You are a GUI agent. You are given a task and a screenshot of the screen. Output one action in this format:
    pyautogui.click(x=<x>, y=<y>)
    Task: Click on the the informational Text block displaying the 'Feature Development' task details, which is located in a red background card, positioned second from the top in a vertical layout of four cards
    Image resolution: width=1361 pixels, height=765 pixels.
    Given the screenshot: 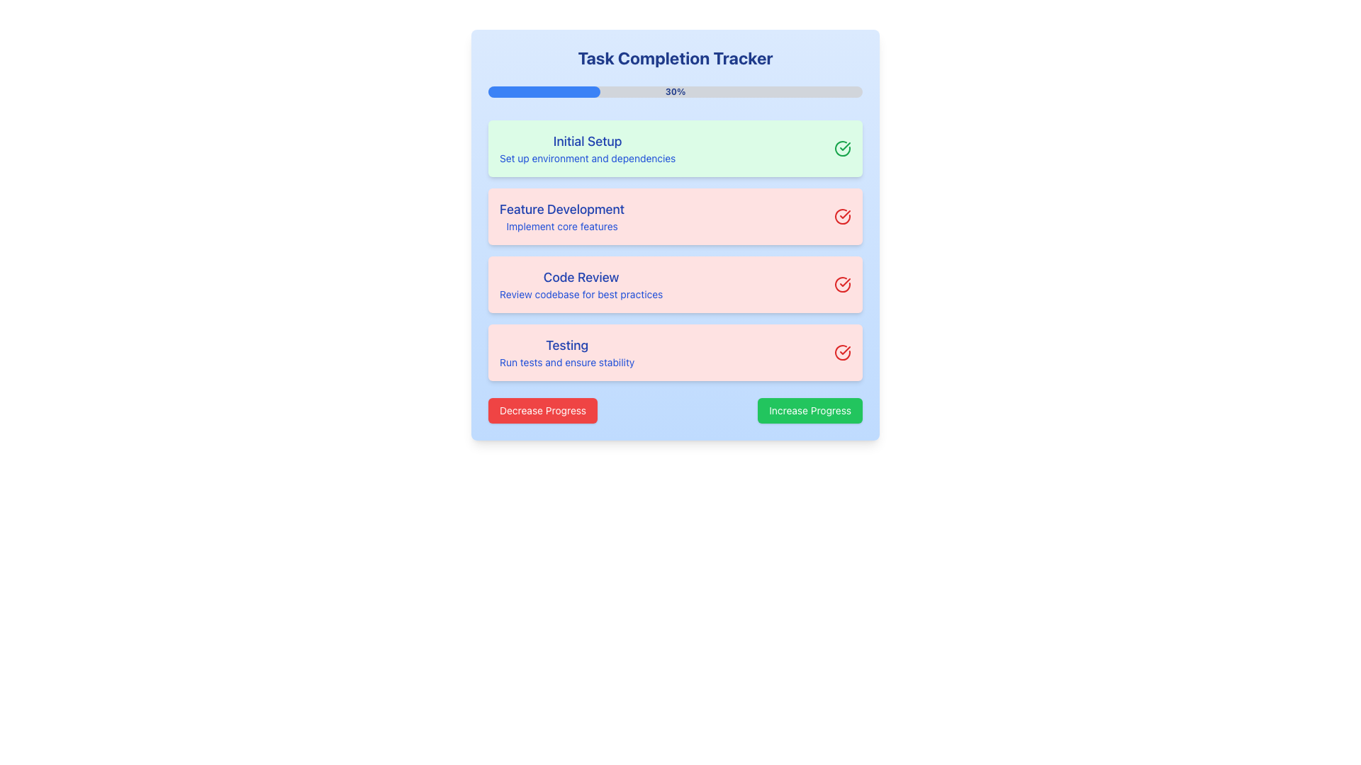 What is the action you would take?
    pyautogui.click(x=561, y=216)
    